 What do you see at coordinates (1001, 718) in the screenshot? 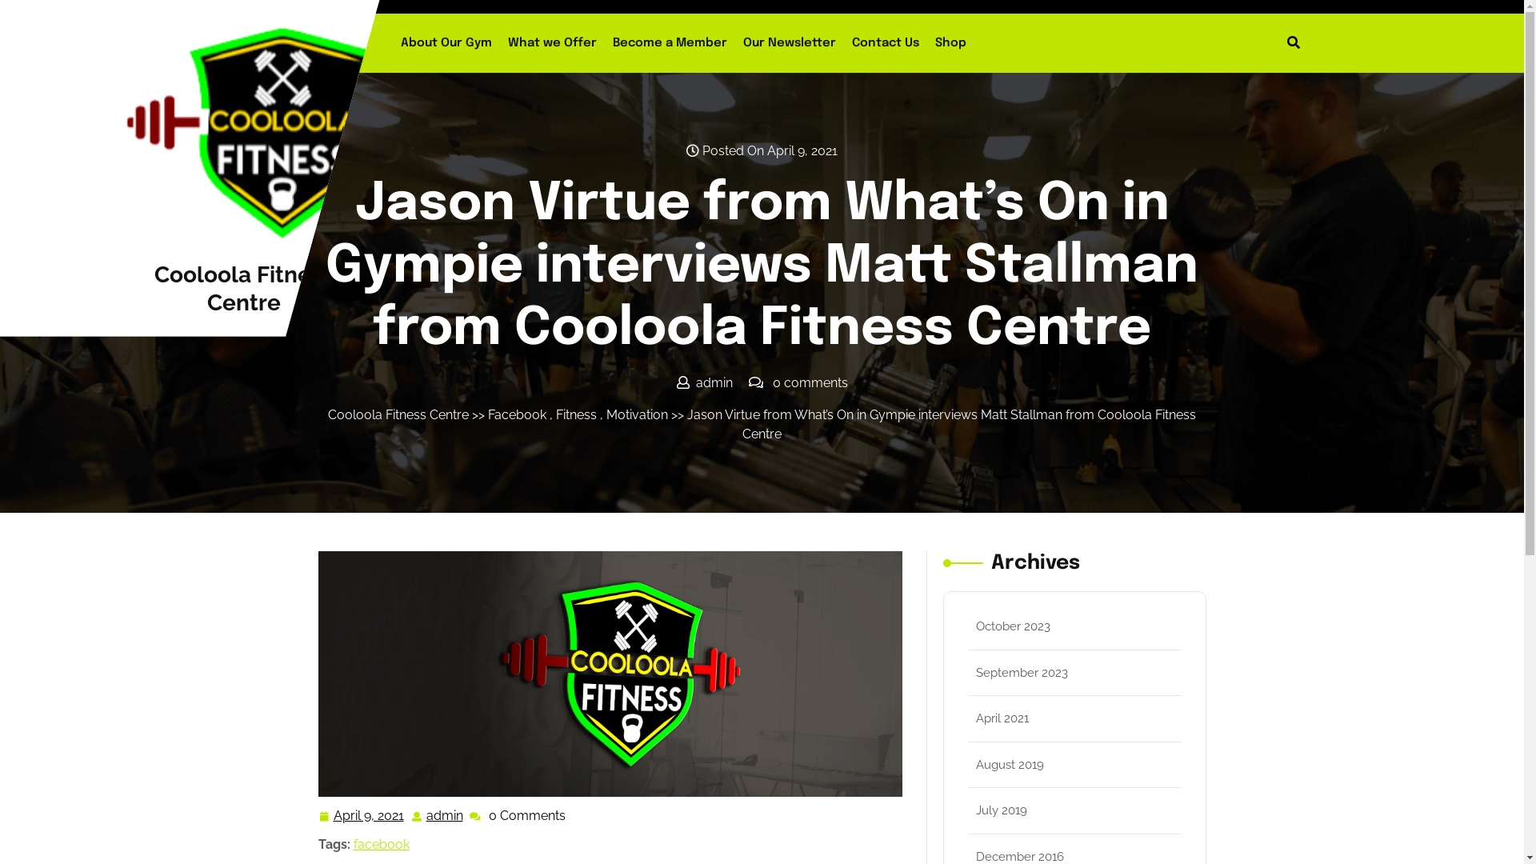
I see `'April 2021'` at bounding box center [1001, 718].